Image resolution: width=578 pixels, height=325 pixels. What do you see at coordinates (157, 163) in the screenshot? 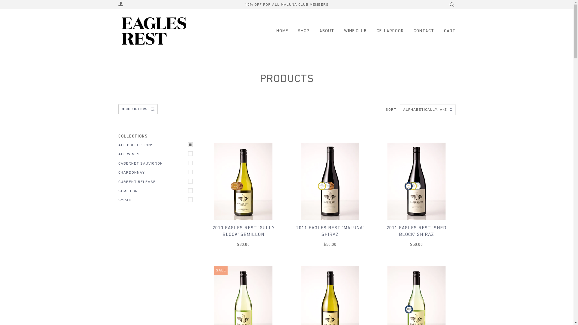
I see `'CABERNET SAUVIGNON'` at bounding box center [157, 163].